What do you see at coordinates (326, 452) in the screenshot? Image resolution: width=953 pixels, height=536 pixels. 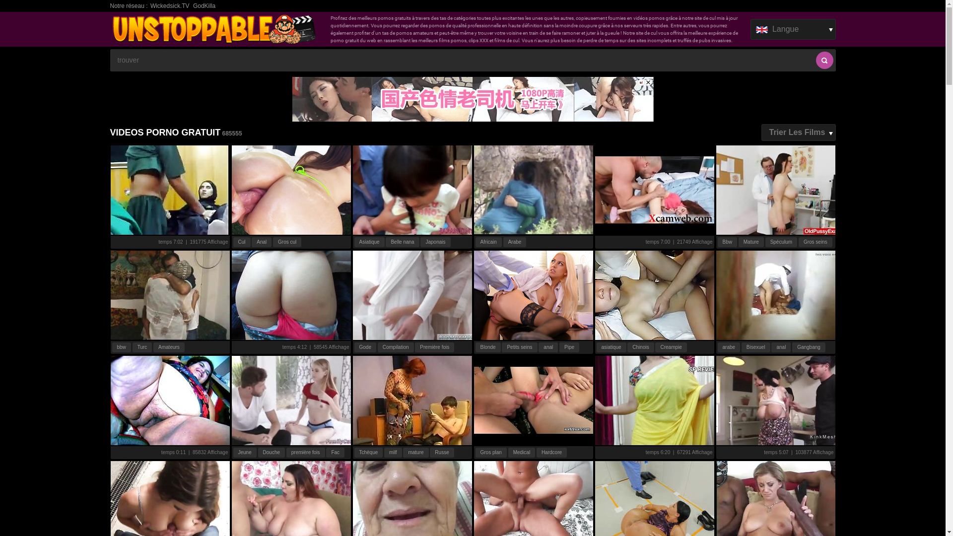 I see `'Fac'` at bounding box center [326, 452].